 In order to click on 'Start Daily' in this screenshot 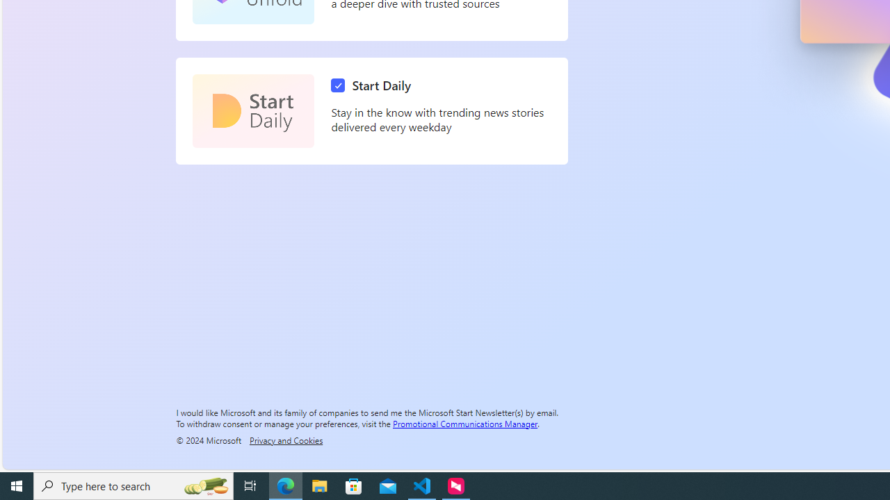, I will do `click(374, 85)`.